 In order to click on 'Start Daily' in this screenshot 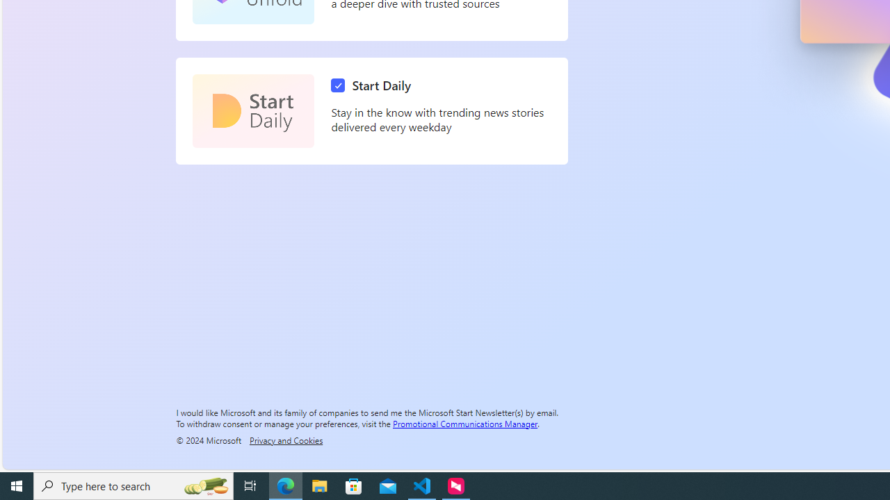, I will do `click(374, 85)`.